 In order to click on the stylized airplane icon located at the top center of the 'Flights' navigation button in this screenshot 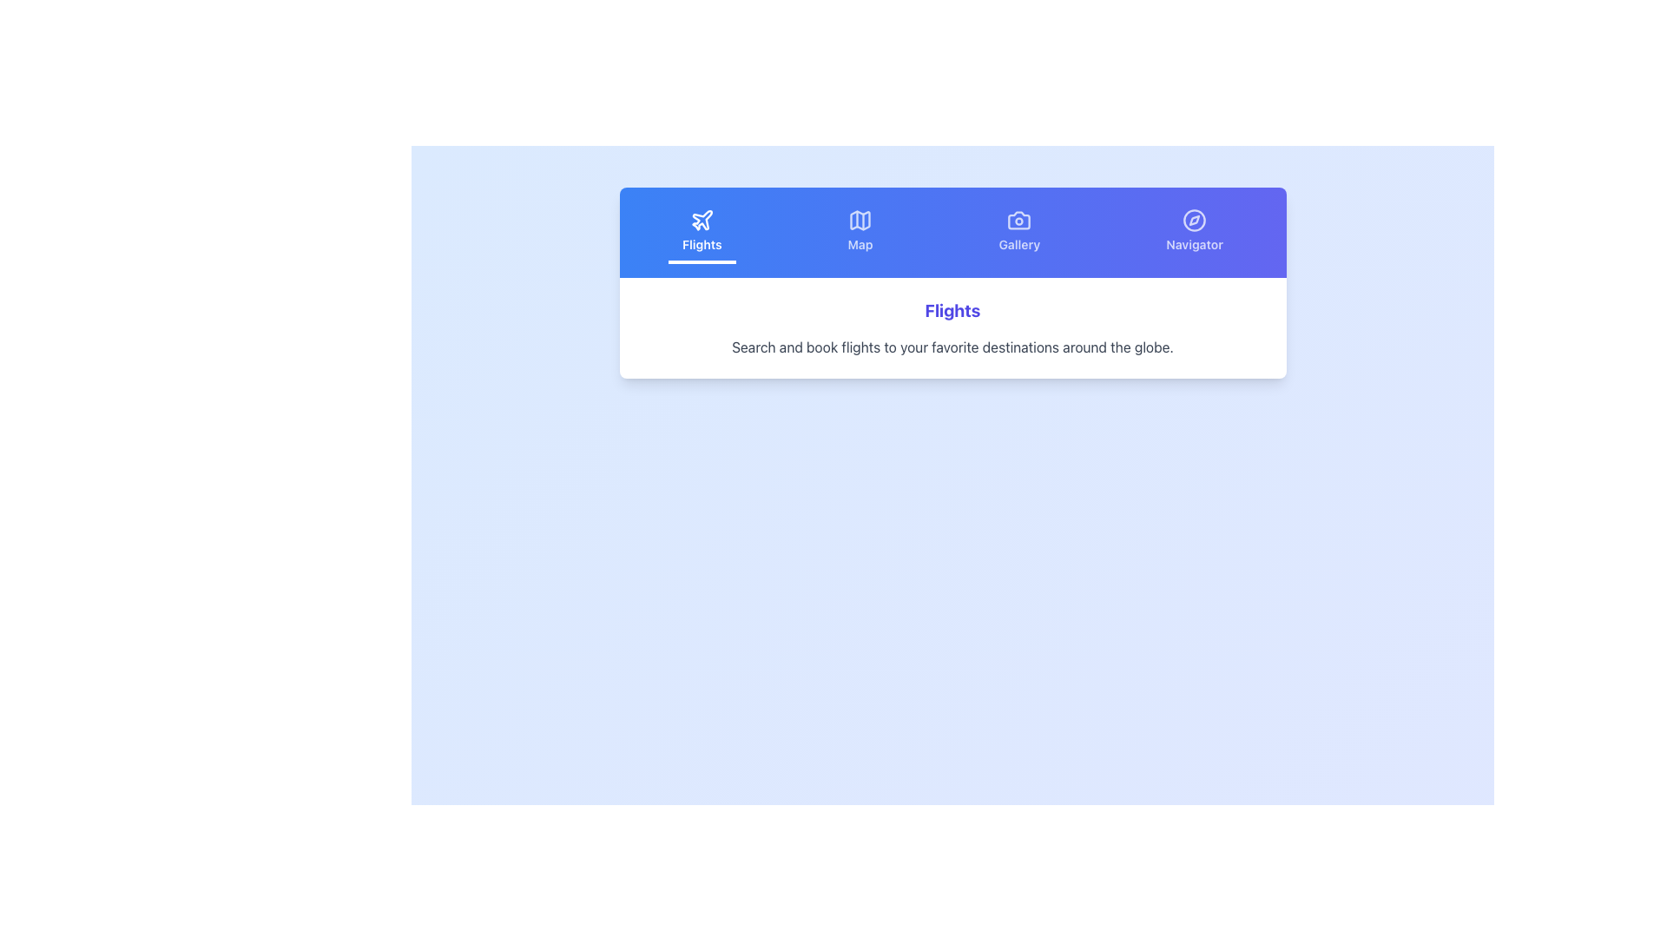, I will do `click(702, 220)`.